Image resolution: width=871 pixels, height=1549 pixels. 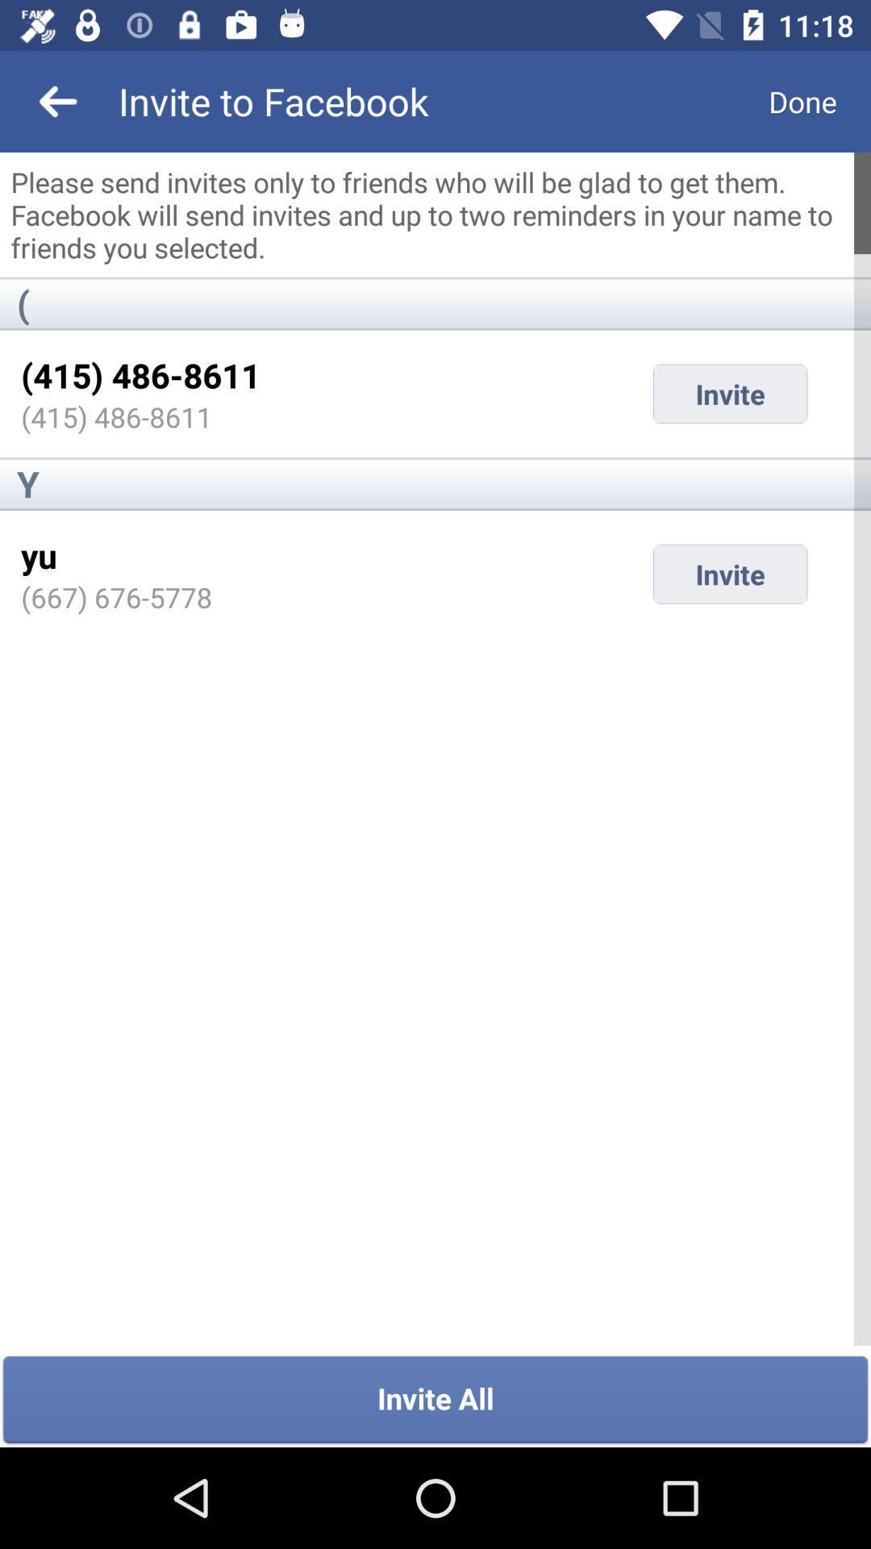 What do you see at coordinates (58, 100) in the screenshot?
I see `item next to the invite to facebook item` at bounding box center [58, 100].